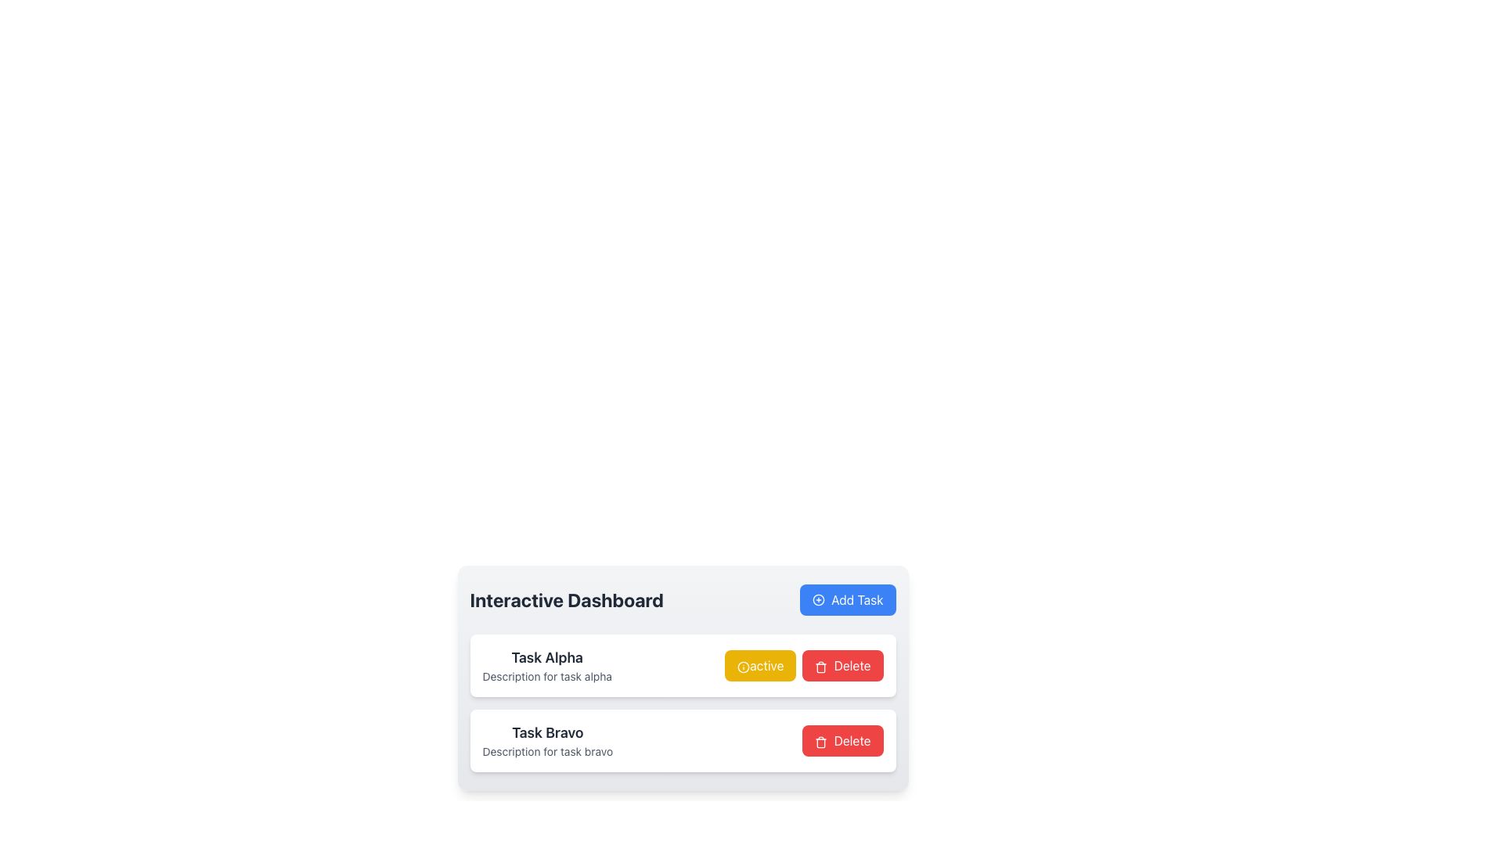 The image size is (1503, 845). Describe the element at coordinates (743, 667) in the screenshot. I see `the icon located to the left of the 'active' label in the yellow button area of the 'Task Alpha' entry, which visually indicates the status of the task` at that location.